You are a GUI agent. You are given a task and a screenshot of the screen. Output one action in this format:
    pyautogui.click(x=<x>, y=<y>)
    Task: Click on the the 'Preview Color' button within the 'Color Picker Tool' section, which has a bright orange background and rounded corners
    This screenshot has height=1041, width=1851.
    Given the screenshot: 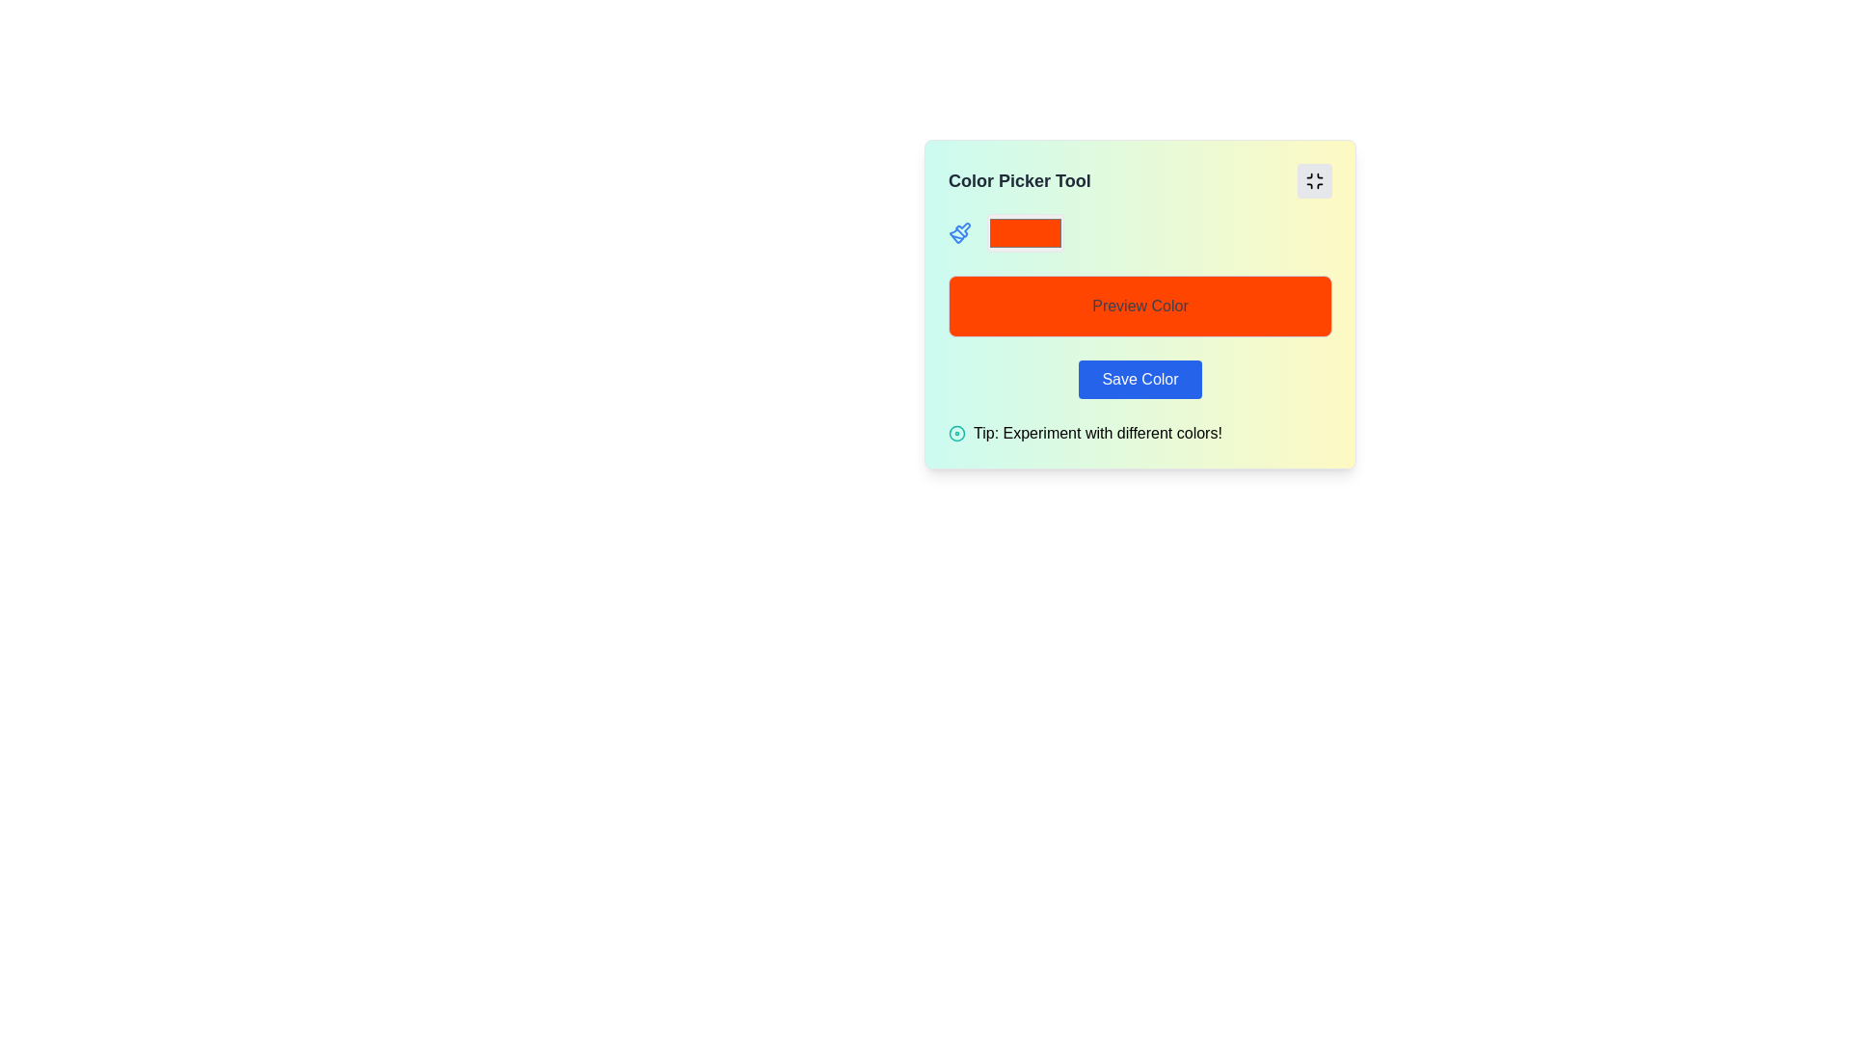 What is the action you would take?
    pyautogui.click(x=1140, y=305)
    